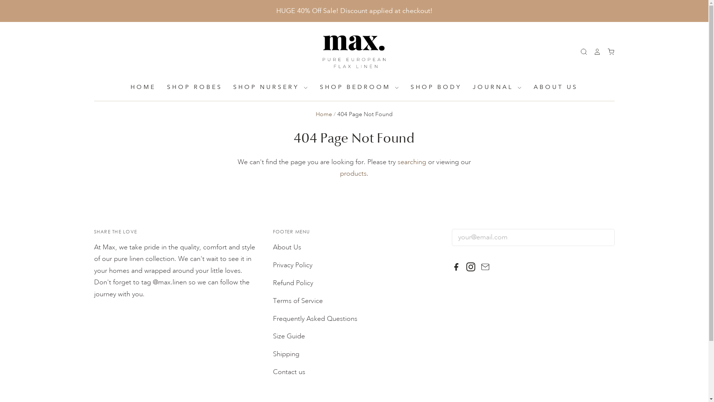  I want to click on 'ABOUT US', so click(550, 87).